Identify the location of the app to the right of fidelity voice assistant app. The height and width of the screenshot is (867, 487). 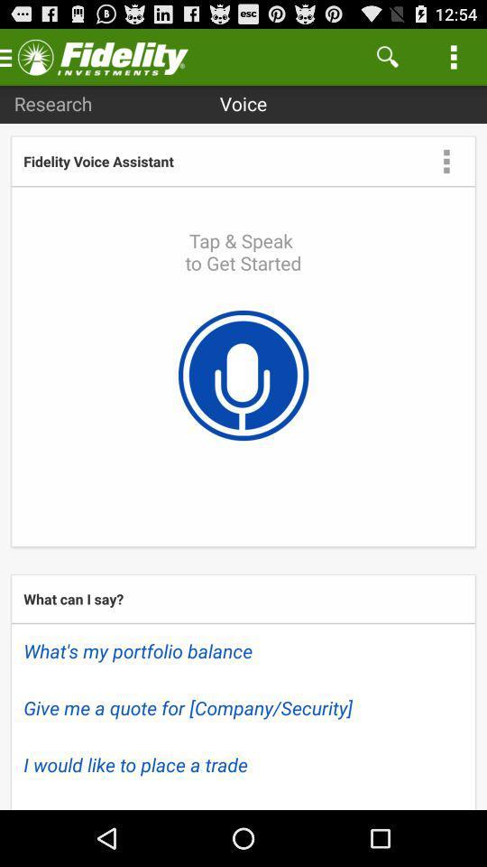
(446, 160).